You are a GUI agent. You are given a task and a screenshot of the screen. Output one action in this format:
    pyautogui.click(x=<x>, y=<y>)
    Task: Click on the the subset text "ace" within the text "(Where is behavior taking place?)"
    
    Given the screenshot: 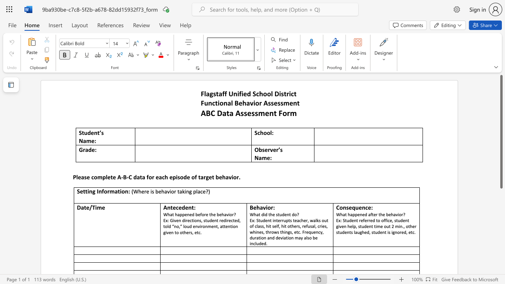 What is the action you would take?
    pyautogui.click(x=197, y=191)
    